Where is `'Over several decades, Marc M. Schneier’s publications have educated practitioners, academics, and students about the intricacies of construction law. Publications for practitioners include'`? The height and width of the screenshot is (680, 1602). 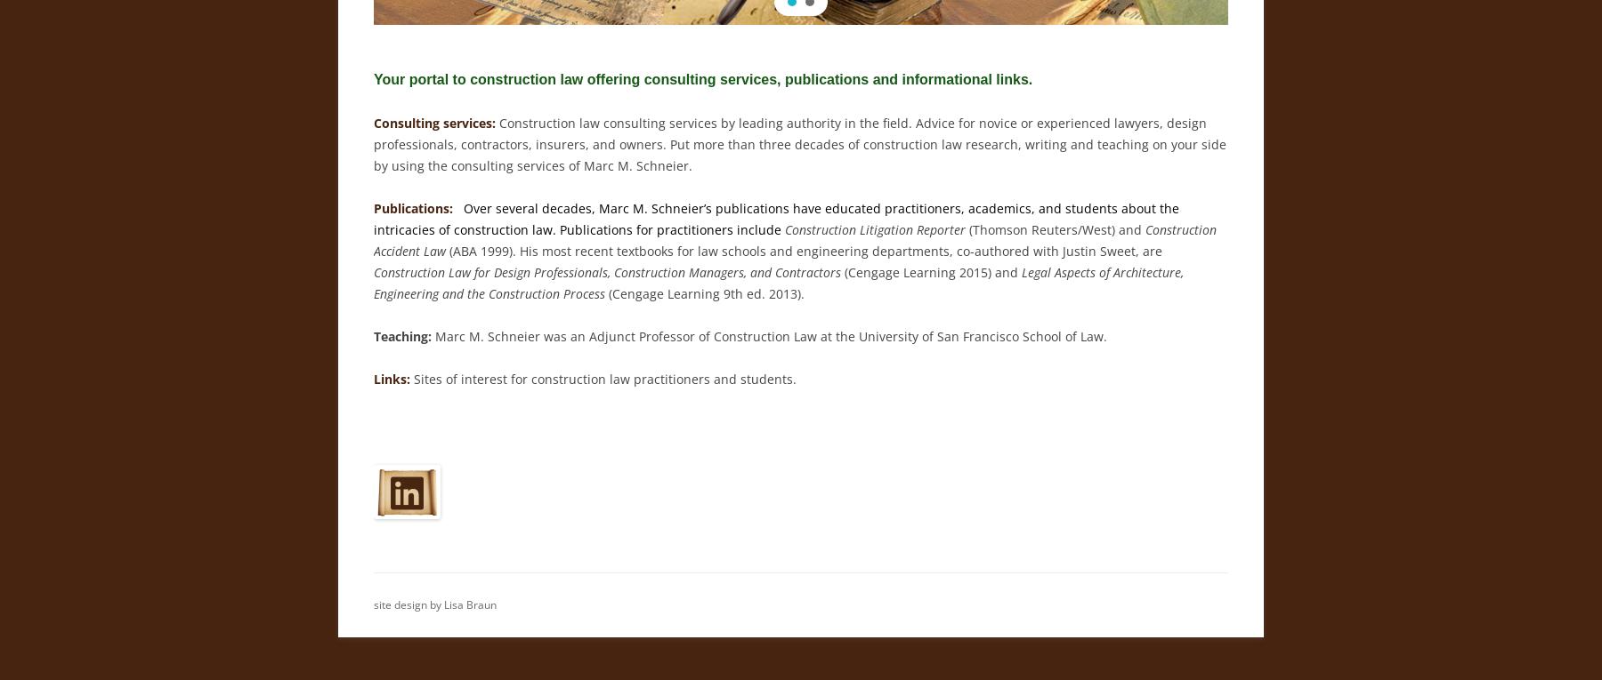
'Over several decades, Marc M. Schneier’s publications have educated practitioners, academics, and students about the intricacies of construction law. Publications for practitioners include' is located at coordinates (776, 219).